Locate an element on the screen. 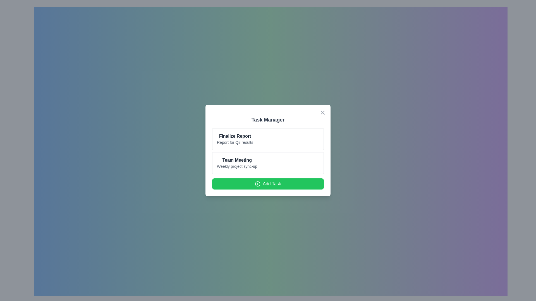  the title text in the 'Task Manager' card, which is positioned above the 'Report for Q3 results' line is located at coordinates (235, 136).